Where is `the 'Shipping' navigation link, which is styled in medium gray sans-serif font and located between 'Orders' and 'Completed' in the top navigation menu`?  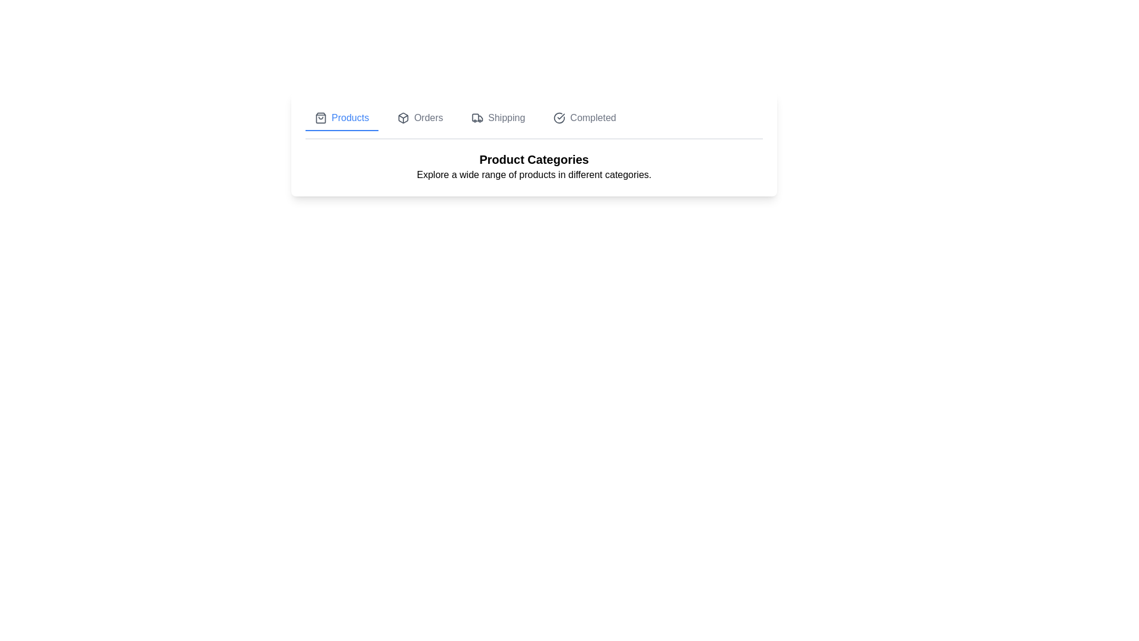
the 'Shipping' navigation link, which is styled in medium gray sans-serif font and located between 'Orders' and 'Completed' in the top navigation menu is located at coordinates (507, 118).